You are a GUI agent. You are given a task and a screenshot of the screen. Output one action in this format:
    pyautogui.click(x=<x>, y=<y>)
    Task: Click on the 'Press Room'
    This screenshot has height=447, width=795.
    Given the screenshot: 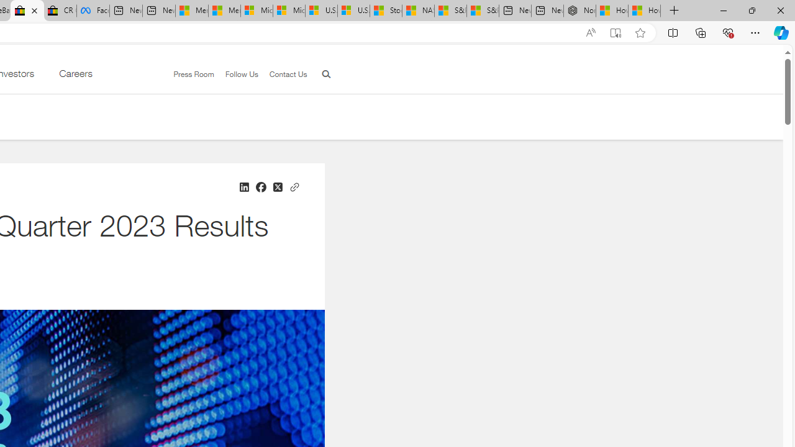 What is the action you would take?
    pyautogui.click(x=188, y=74)
    